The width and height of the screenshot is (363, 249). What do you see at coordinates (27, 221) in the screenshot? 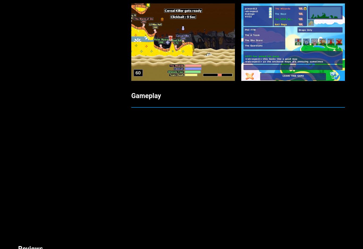
I see `'pcwzrd13'` at bounding box center [27, 221].